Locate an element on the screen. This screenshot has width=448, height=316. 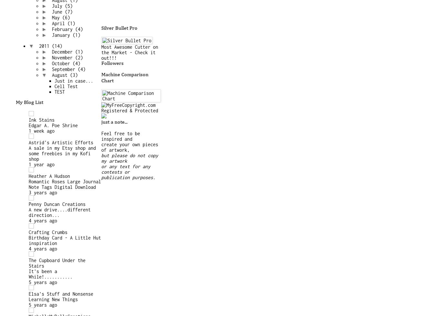
'My Blog List' is located at coordinates (29, 102).